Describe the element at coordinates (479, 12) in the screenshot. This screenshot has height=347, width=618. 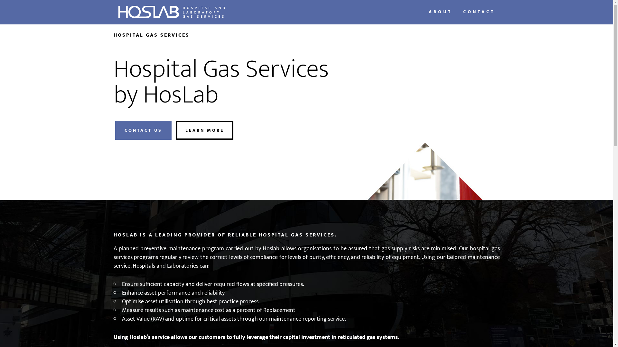
I see `'CONTACT'` at that location.